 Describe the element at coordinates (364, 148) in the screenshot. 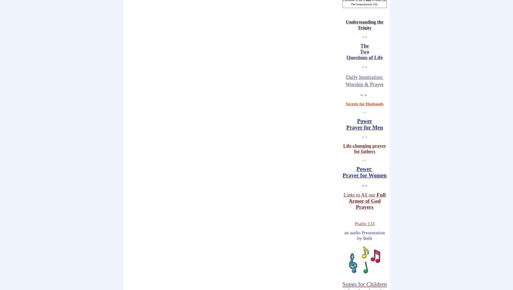

I see `'Life-changing prayer for fathers'` at that location.